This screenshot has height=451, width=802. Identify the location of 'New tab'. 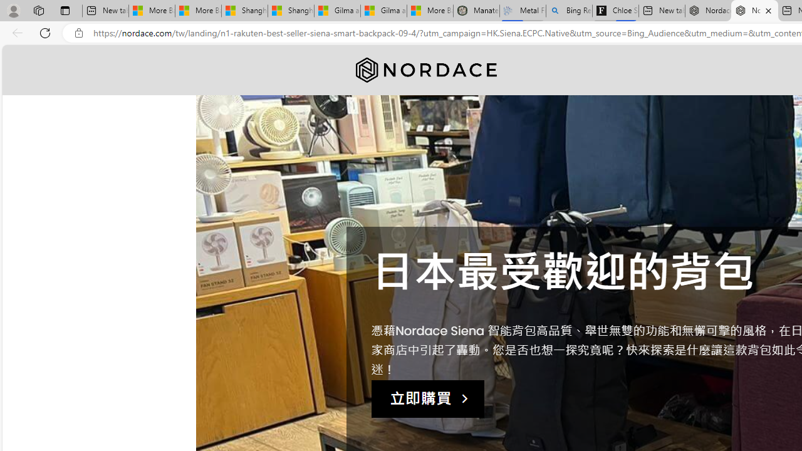
(661, 11).